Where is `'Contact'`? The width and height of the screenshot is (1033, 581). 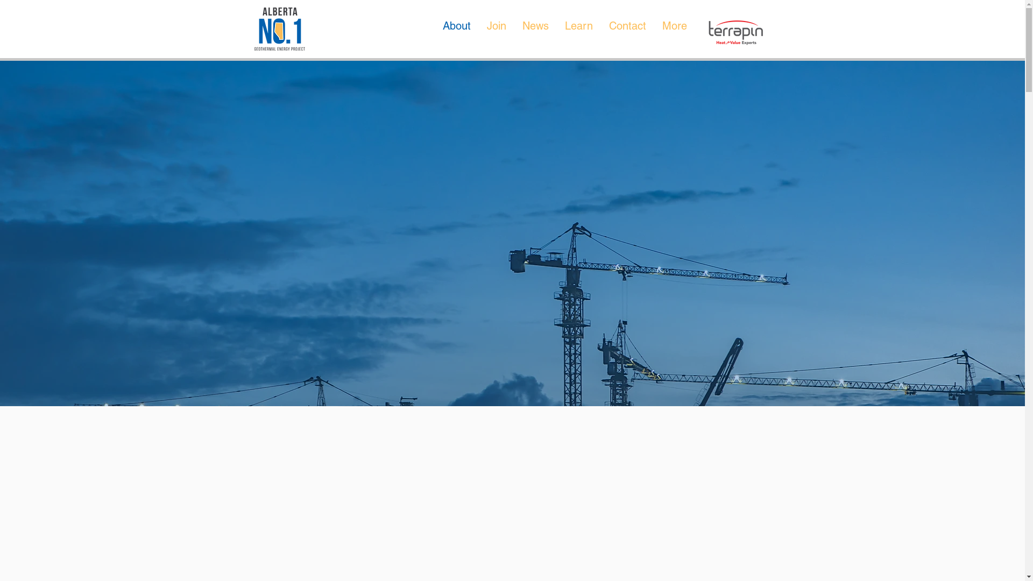 'Contact' is located at coordinates (600, 31).